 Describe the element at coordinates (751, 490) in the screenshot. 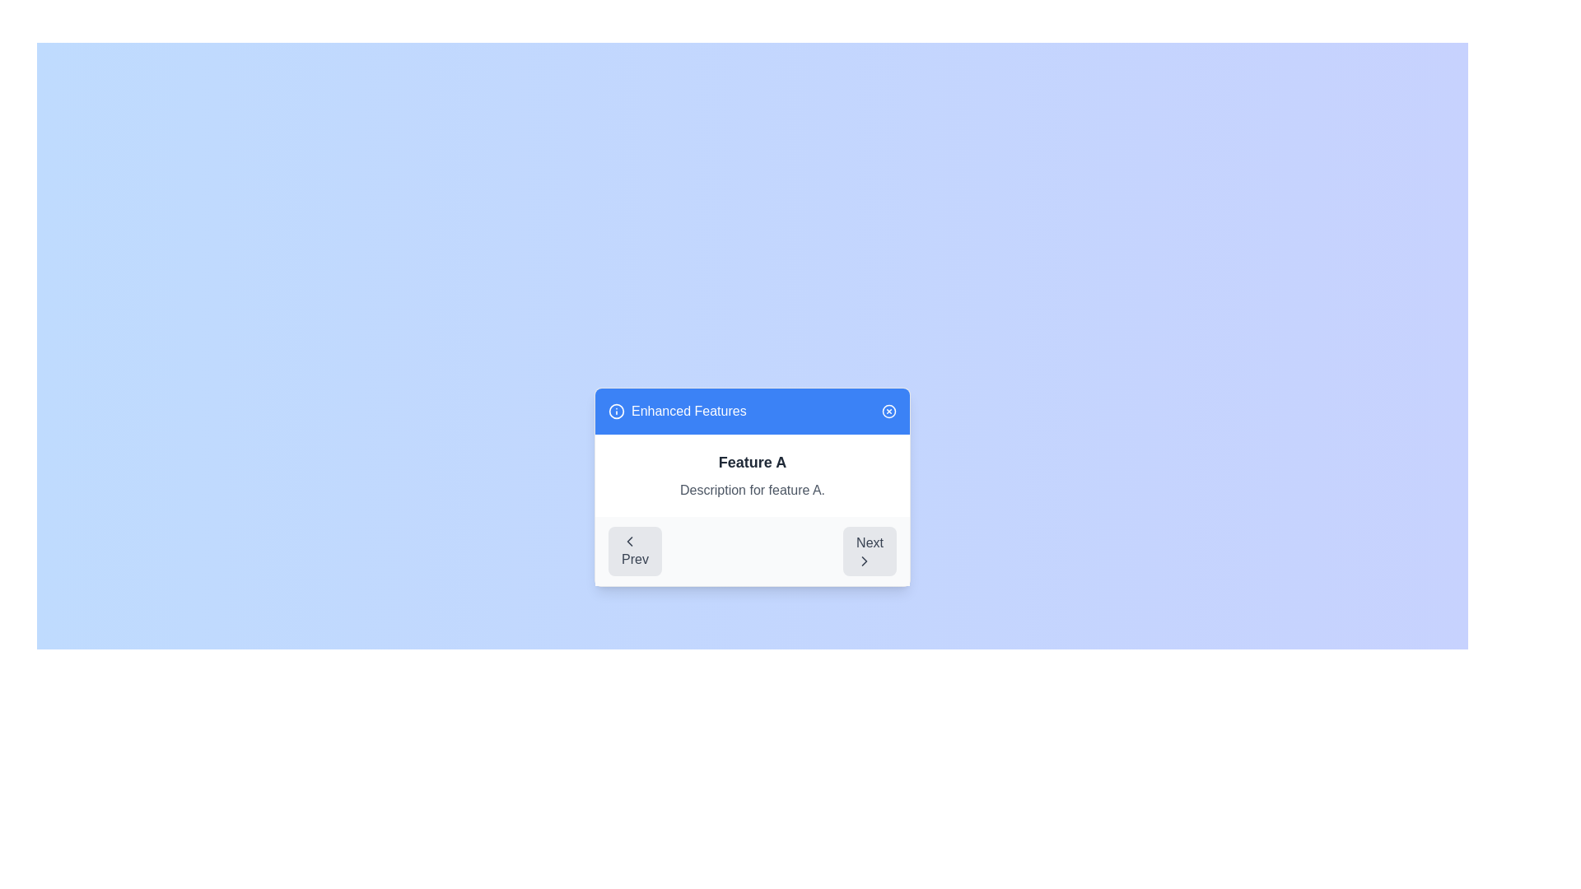

I see `the static text label providing information about 'Feature A', located at the center of the card element` at that location.